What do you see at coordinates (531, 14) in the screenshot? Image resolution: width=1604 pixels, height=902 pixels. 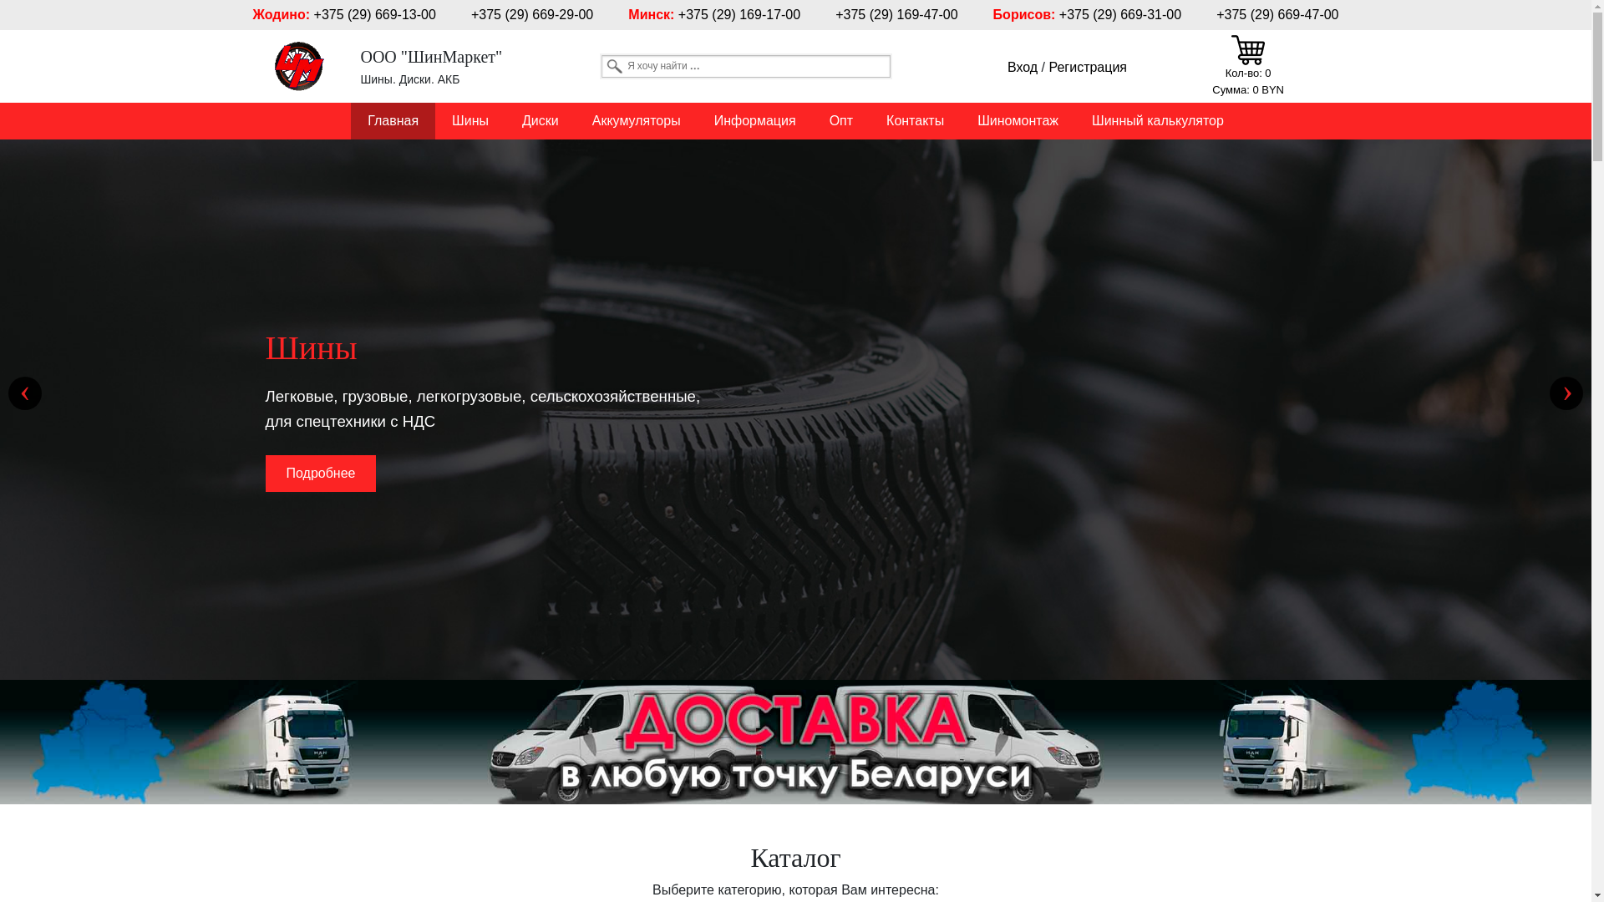 I see `'+375 (29) 669-29-00'` at bounding box center [531, 14].